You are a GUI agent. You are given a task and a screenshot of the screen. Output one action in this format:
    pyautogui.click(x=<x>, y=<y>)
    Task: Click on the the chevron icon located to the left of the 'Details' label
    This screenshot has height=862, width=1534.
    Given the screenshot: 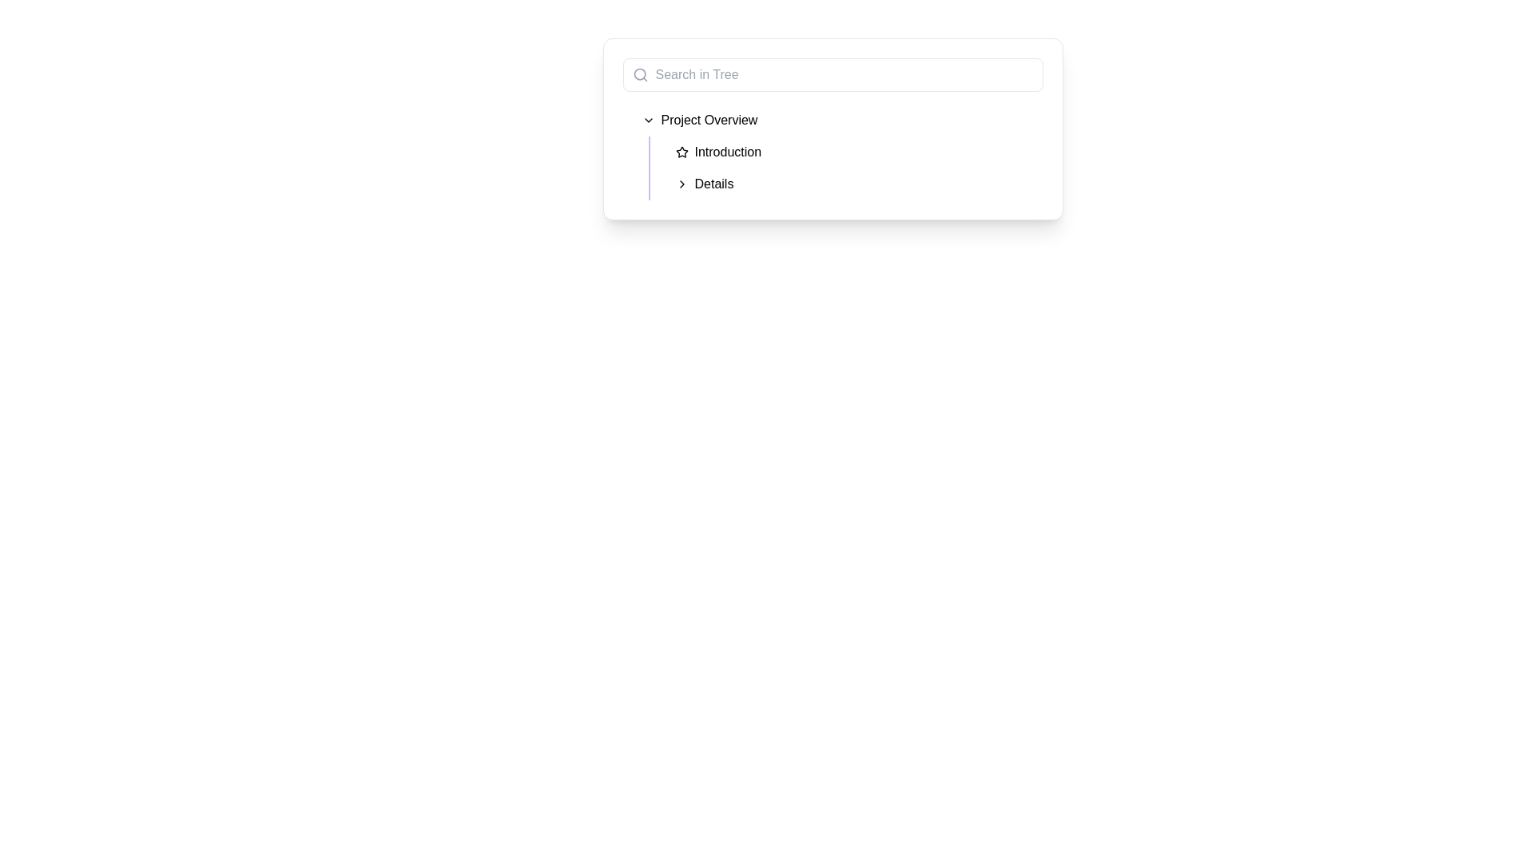 What is the action you would take?
    pyautogui.click(x=682, y=184)
    